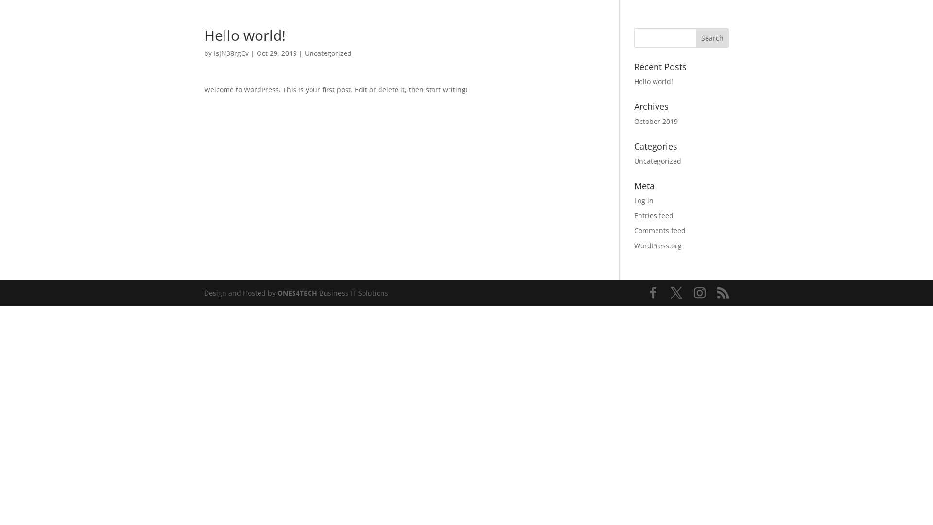  What do you see at coordinates (695, 37) in the screenshot?
I see `'Search'` at bounding box center [695, 37].